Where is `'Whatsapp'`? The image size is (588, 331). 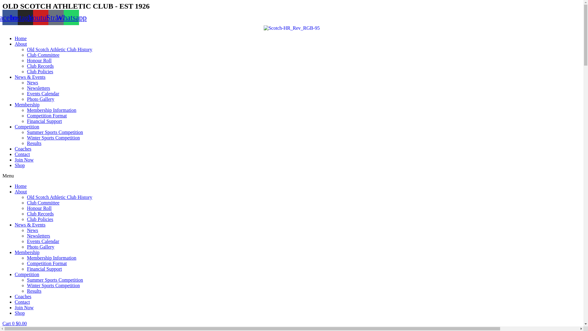 'Whatsapp' is located at coordinates (71, 17).